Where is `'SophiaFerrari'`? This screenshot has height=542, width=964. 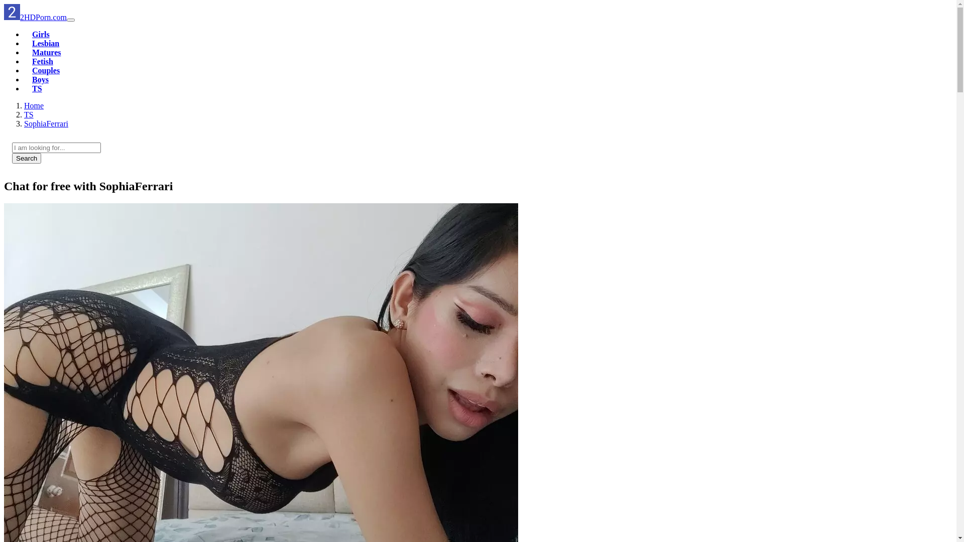 'SophiaFerrari' is located at coordinates (45, 123).